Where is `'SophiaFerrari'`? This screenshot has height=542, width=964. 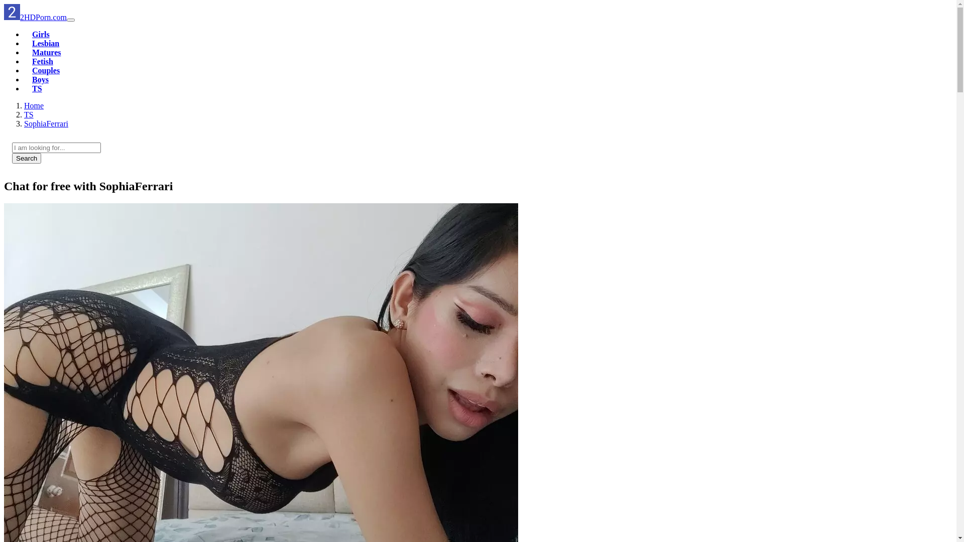 'SophiaFerrari' is located at coordinates (45, 123).